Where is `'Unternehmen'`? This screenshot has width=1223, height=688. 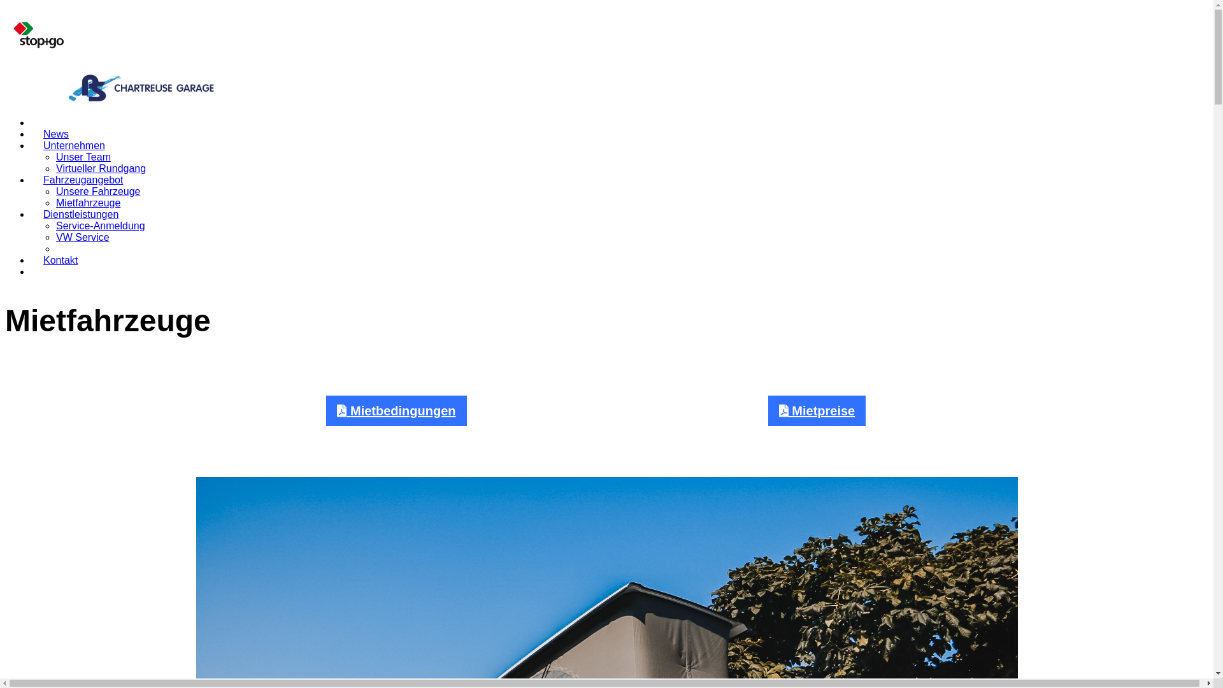 'Unternehmen' is located at coordinates (31, 145).